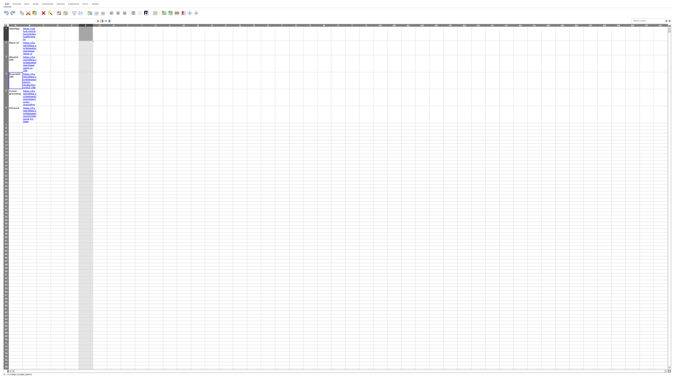  Describe the element at coordinates (156, 25) in the screenshot. I see `Move cursor to column K` at that location.